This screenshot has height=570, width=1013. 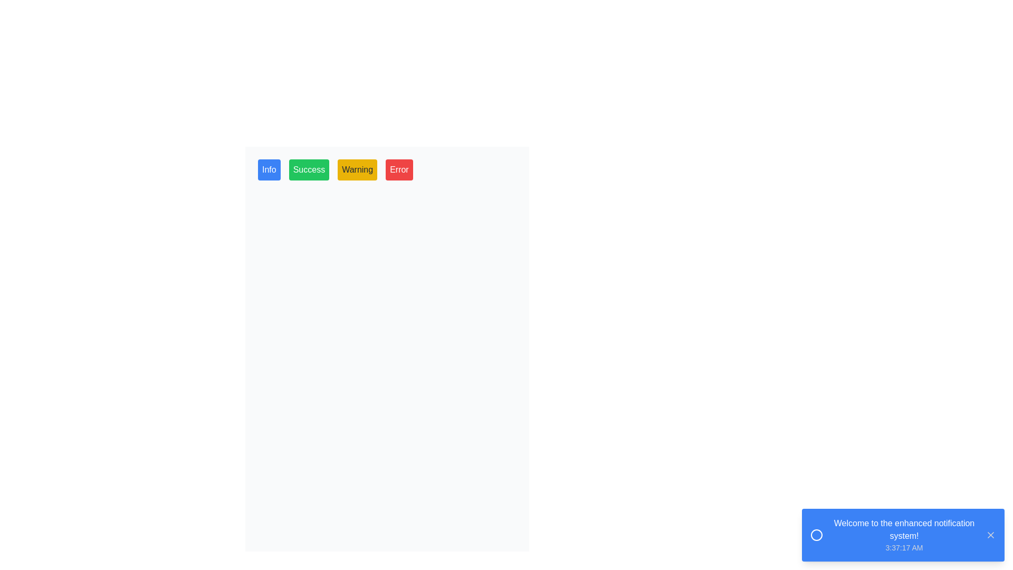 I want to click on the small, cross-shaped icon with a white 'X' symbol on a transparent background, so click(x=990, y=535).